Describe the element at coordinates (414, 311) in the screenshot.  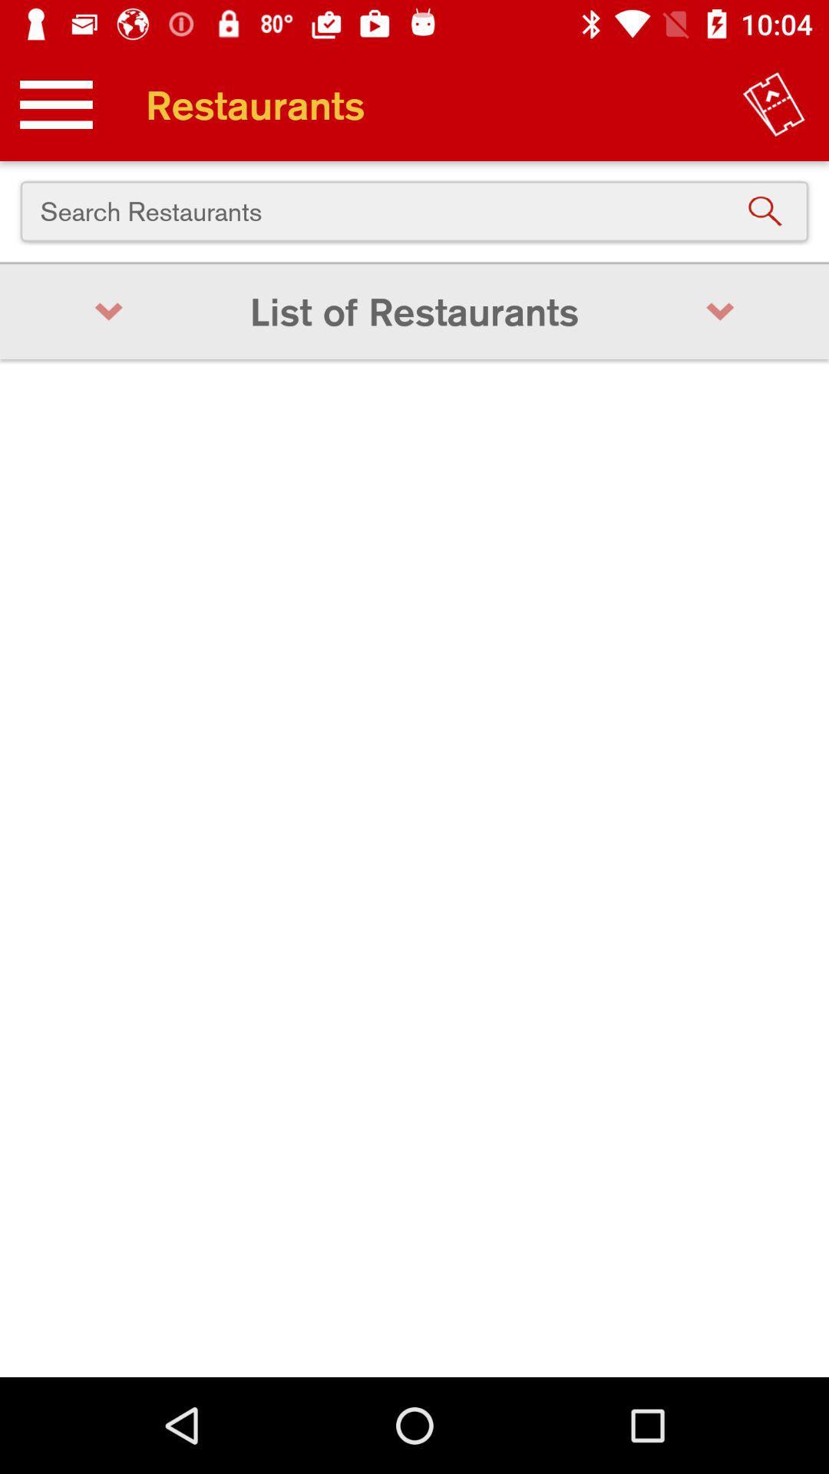
I see `list of restaurants item` at that location.